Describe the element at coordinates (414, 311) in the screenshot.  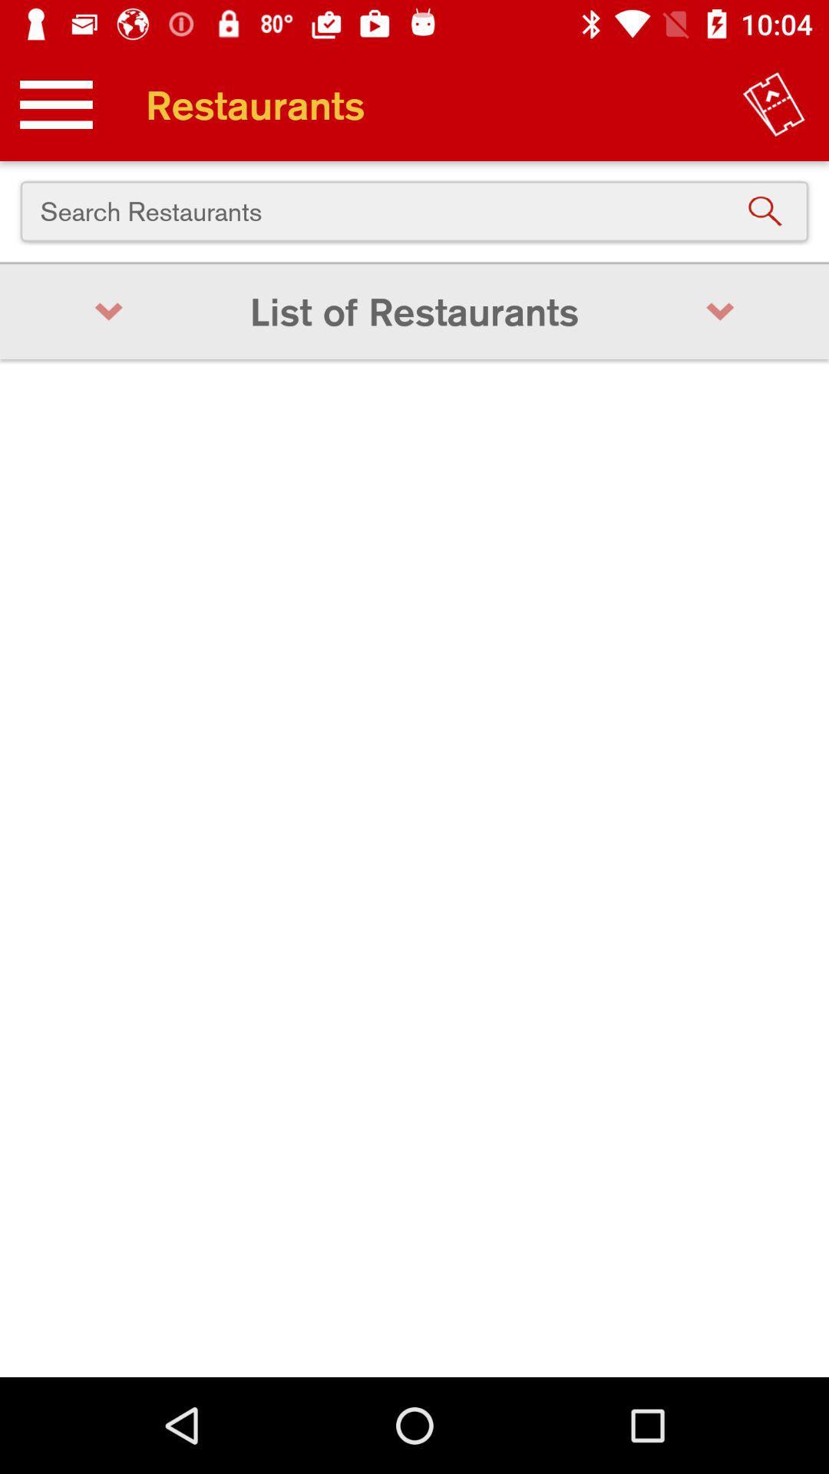
I see `list of restaurants item` at that location.